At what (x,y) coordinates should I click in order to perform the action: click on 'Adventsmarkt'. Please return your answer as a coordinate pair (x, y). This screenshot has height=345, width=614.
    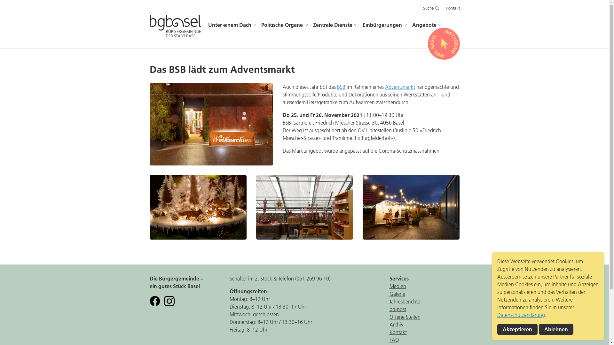
    Looking at the image, I should click on (385, 87).